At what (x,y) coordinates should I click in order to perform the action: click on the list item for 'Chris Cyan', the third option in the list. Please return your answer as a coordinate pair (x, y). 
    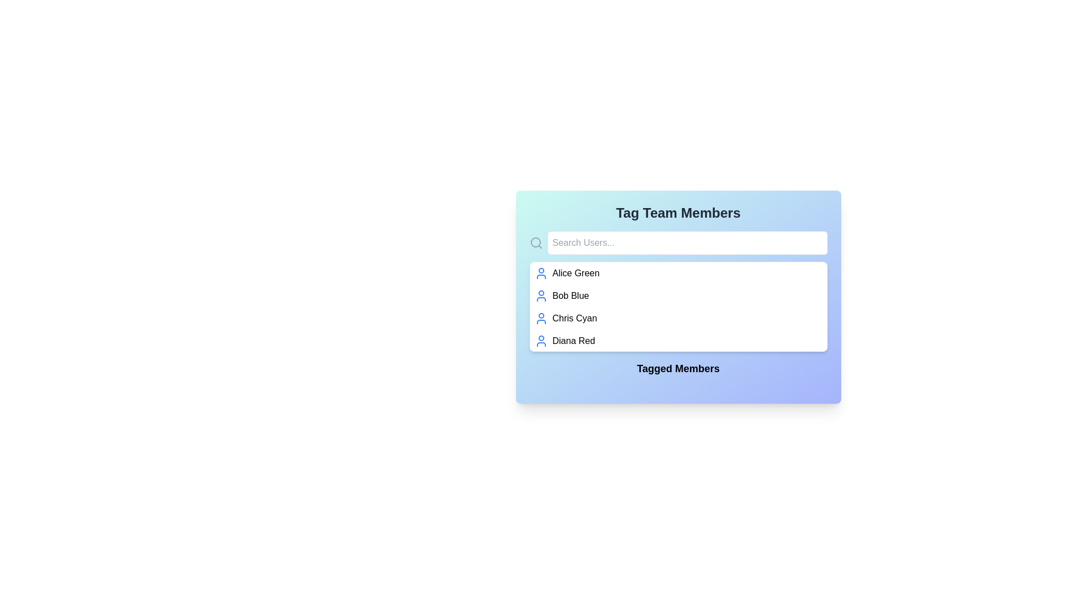
    Looking at the image, I should click on (677, 318).